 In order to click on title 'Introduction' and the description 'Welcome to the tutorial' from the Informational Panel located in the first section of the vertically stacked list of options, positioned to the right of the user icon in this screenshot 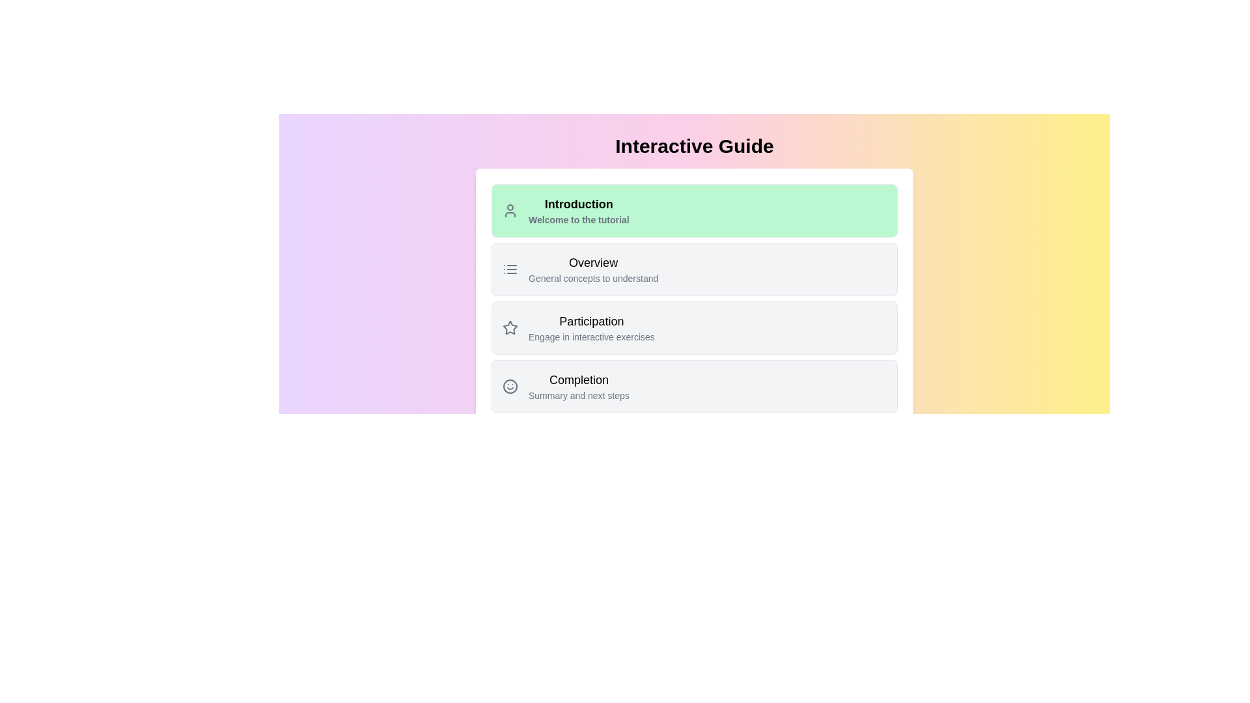, I will do `click(578, 210)`.